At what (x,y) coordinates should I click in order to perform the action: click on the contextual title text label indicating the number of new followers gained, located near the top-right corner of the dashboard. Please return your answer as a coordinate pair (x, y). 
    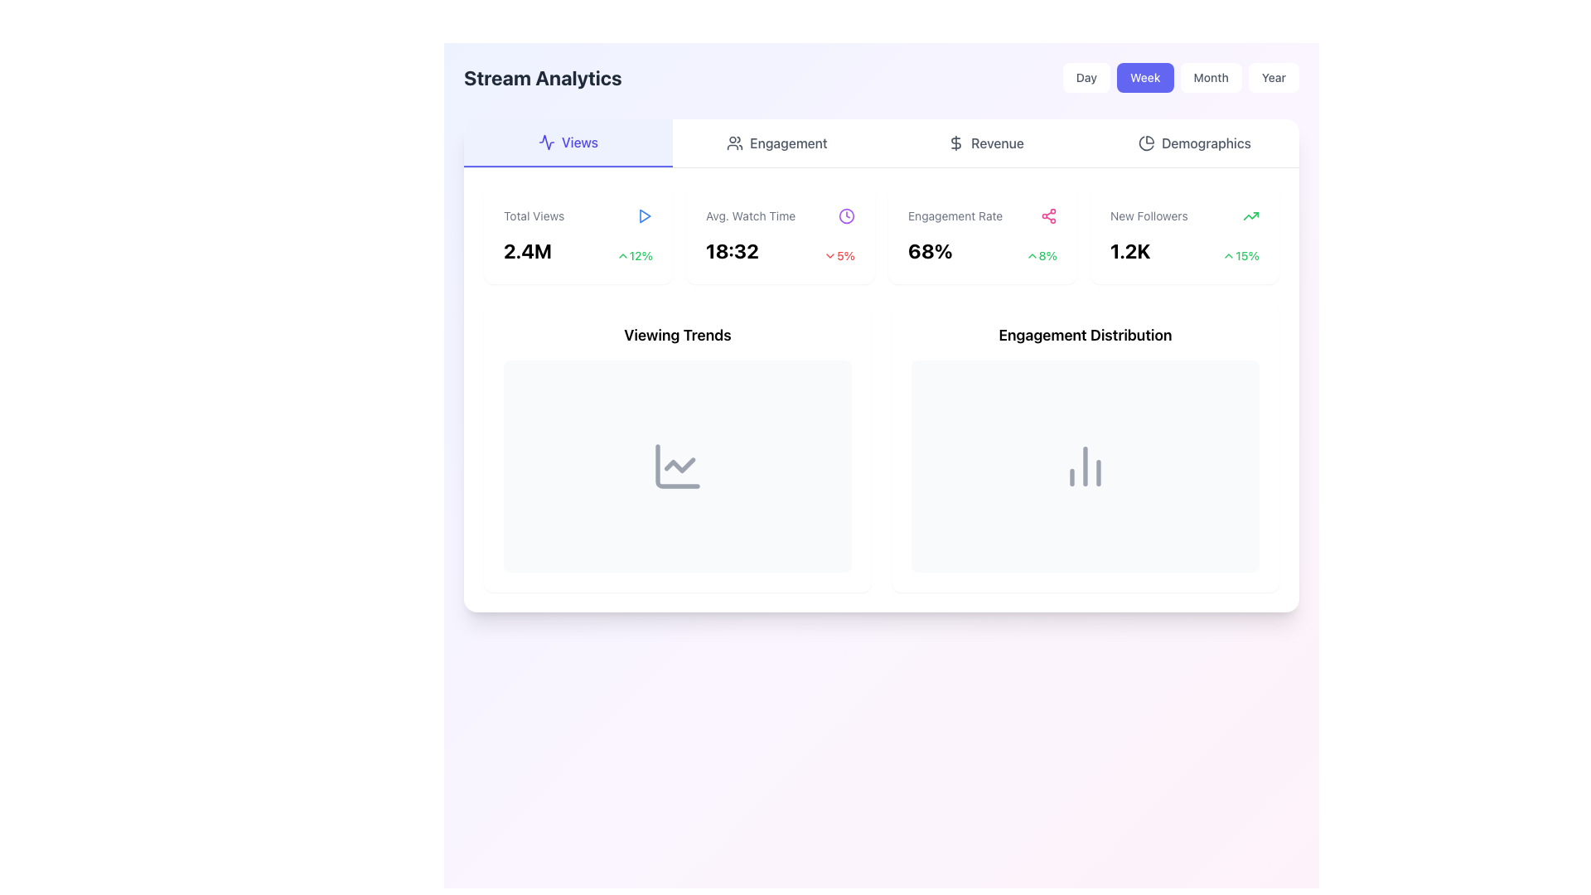
    Looking at the image, I should click on (1148, 215).